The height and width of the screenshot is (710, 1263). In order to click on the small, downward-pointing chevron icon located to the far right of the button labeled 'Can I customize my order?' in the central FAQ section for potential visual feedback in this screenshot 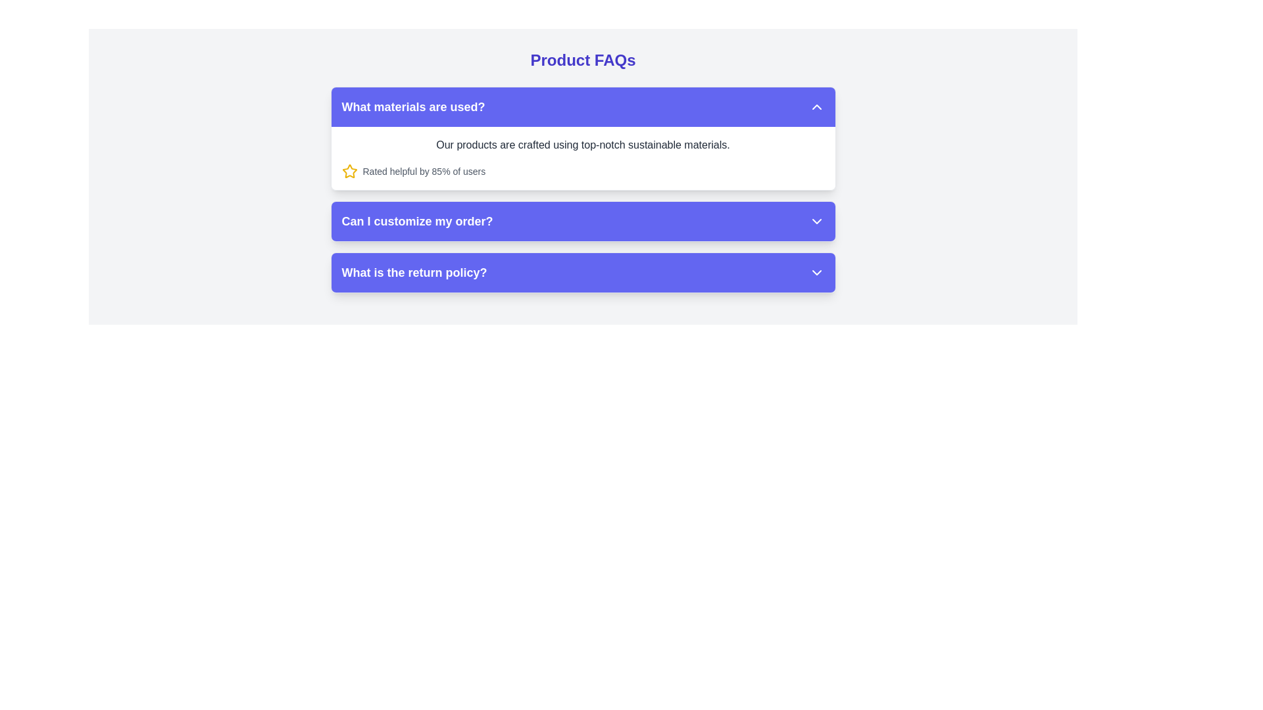, I will do `click(816, 220)`.